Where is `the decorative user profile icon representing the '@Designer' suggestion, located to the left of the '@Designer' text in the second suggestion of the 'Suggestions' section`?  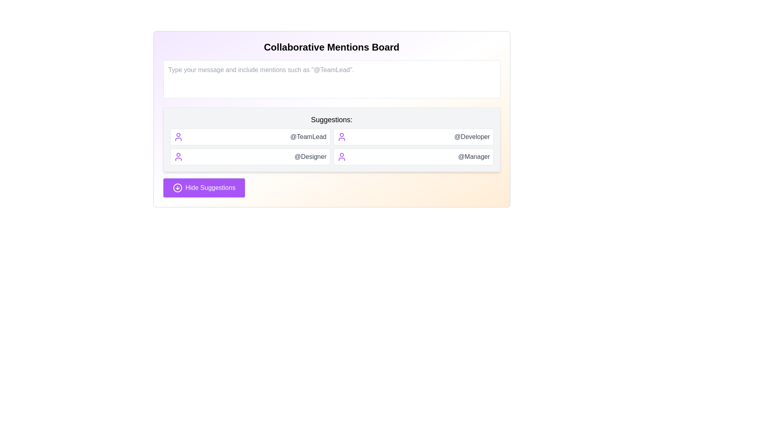
the decorative user profile icon representing the '@Designer' suggestion, located to the left of the '@Designer' text in the second suggestion of the 'Suggestions' section is located at coordinates (178, 156).